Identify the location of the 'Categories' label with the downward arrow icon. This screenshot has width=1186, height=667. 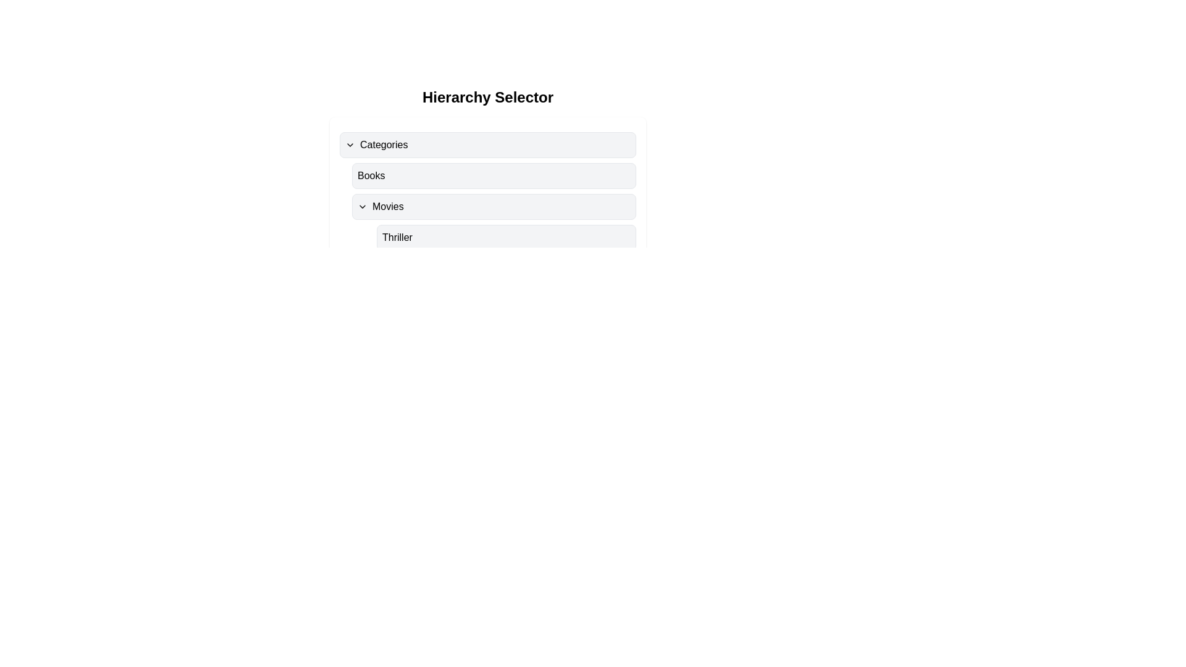
(376, 145).